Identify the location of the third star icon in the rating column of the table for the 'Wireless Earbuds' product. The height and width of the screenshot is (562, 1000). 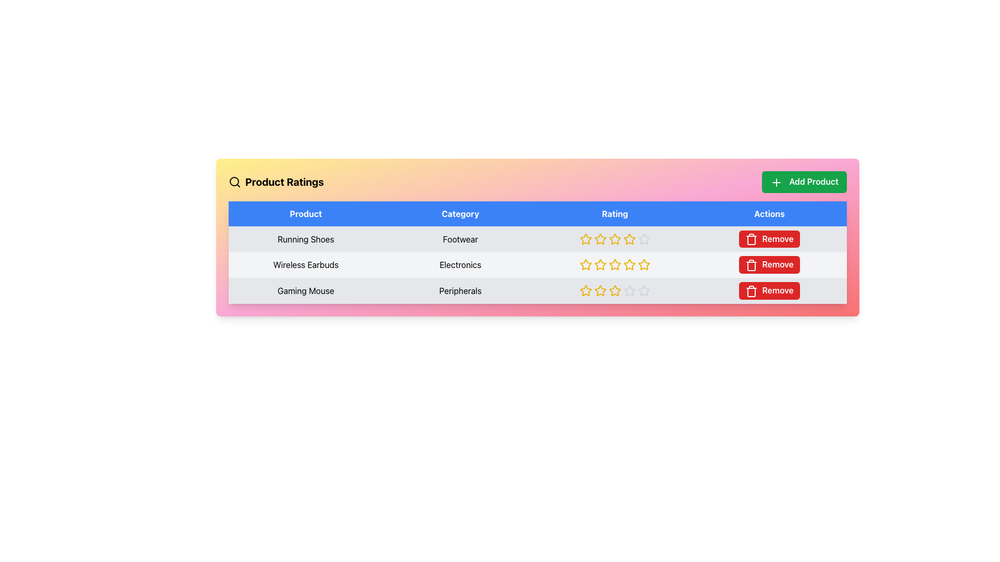
(585, 264).